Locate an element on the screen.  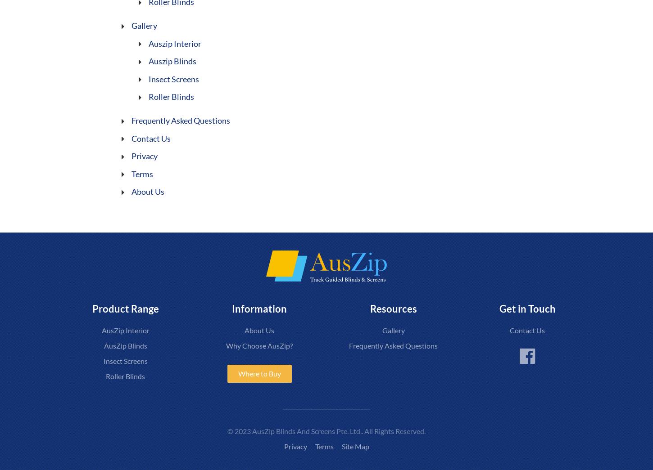
'AusZip Blinds' is located at coordinates (125, 345).